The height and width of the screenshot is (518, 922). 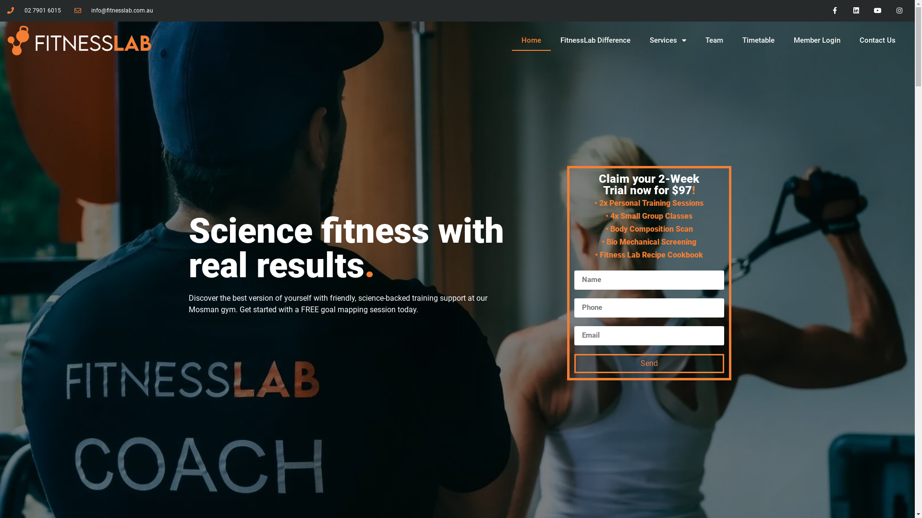 What do you see at coordinates (531, 40) in the screenshot?
I see `'Home'` at bounding box center [531, 40].